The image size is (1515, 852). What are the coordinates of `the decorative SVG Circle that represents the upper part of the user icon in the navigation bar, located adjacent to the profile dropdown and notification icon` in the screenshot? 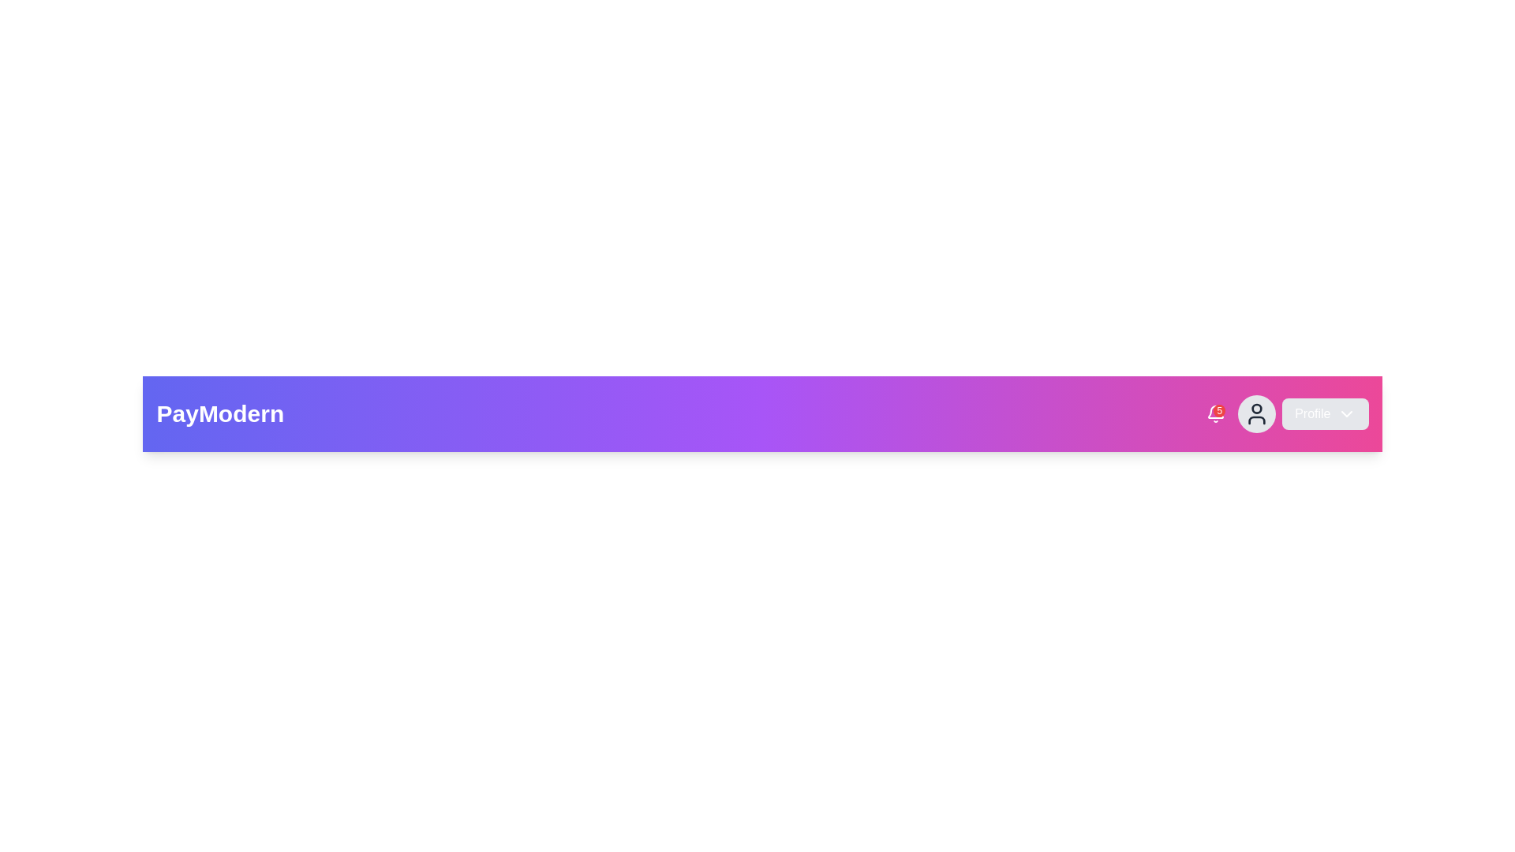 It's located at (1256, 408).